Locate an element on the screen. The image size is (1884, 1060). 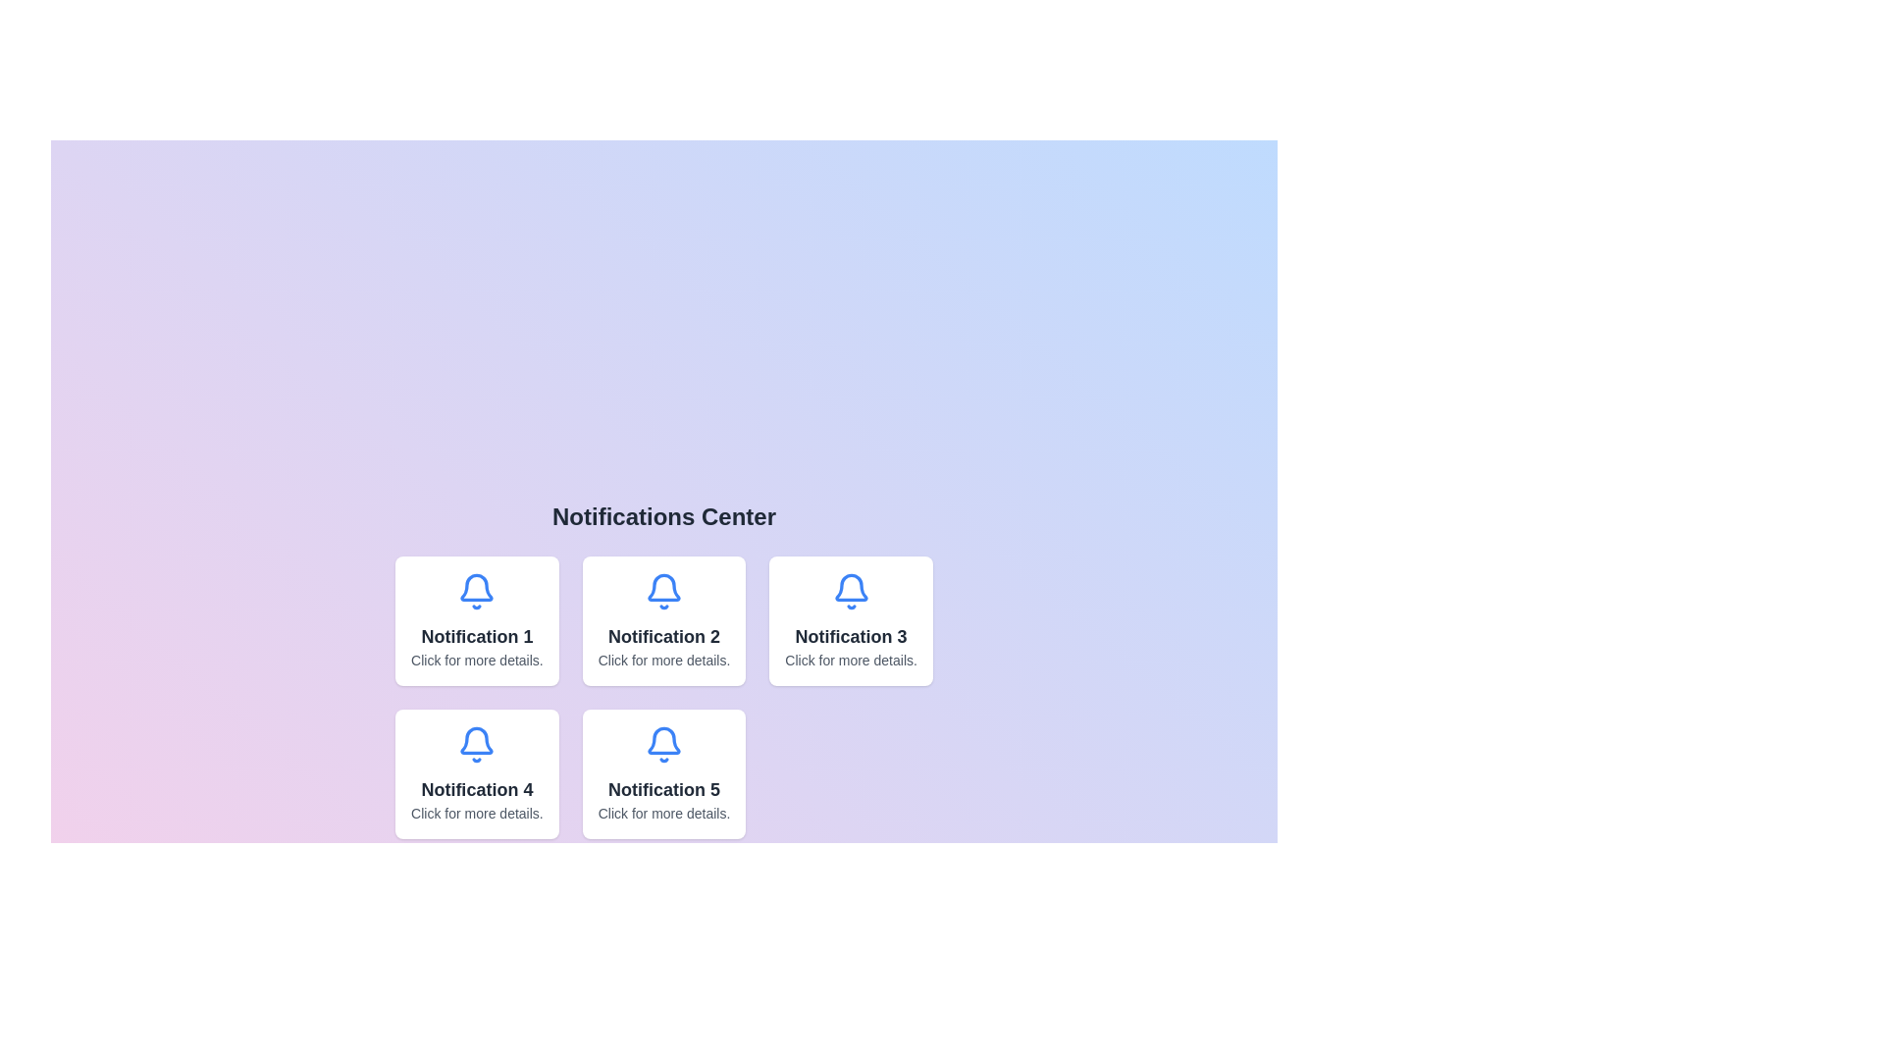
the 'Notification 1' text label to interact with the corresponding notification card in the grid layout is located at coordinates (477, 636).